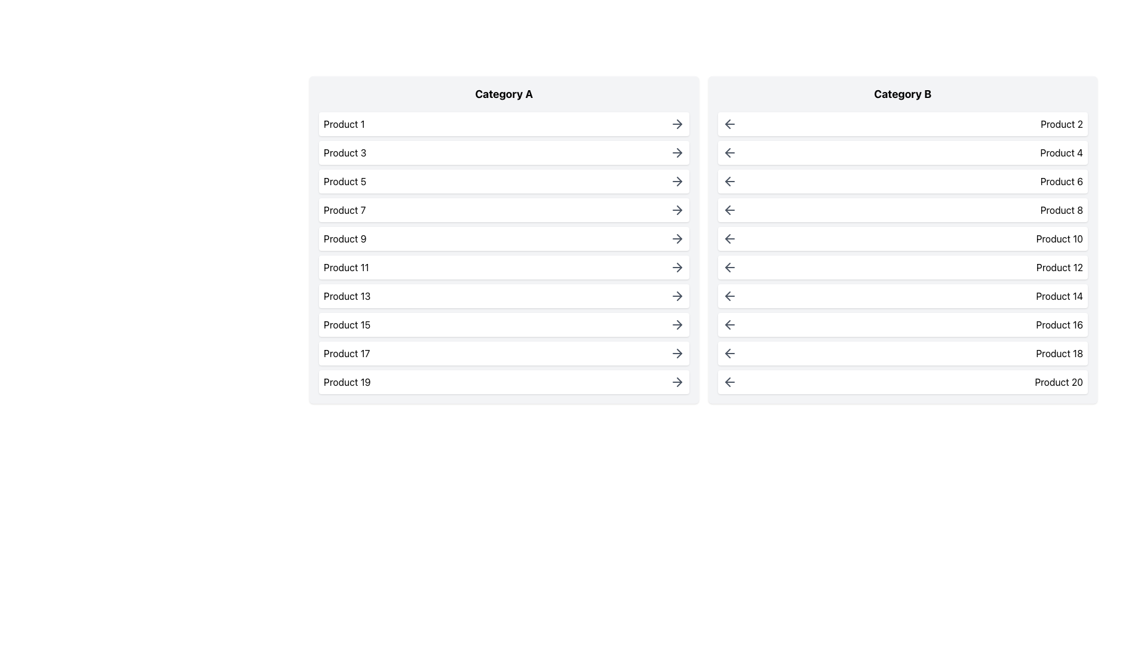 This screenshot has width=1147, height=645. Describe the element at coordinates (677, 382) in the screenshot. I see `the button located at the last position on the right side of the row labeled 'Product 19' in the 'Category A' column to change its appearance` at that location.